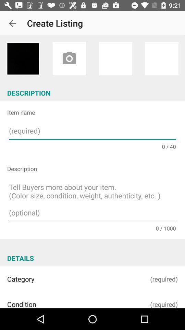 This screenshot has height=330, width=185. What do you see at coordinates (12, 23) in the screenshot?
I see `the app to the left of the create listing item` at bounding box center [12, 23].